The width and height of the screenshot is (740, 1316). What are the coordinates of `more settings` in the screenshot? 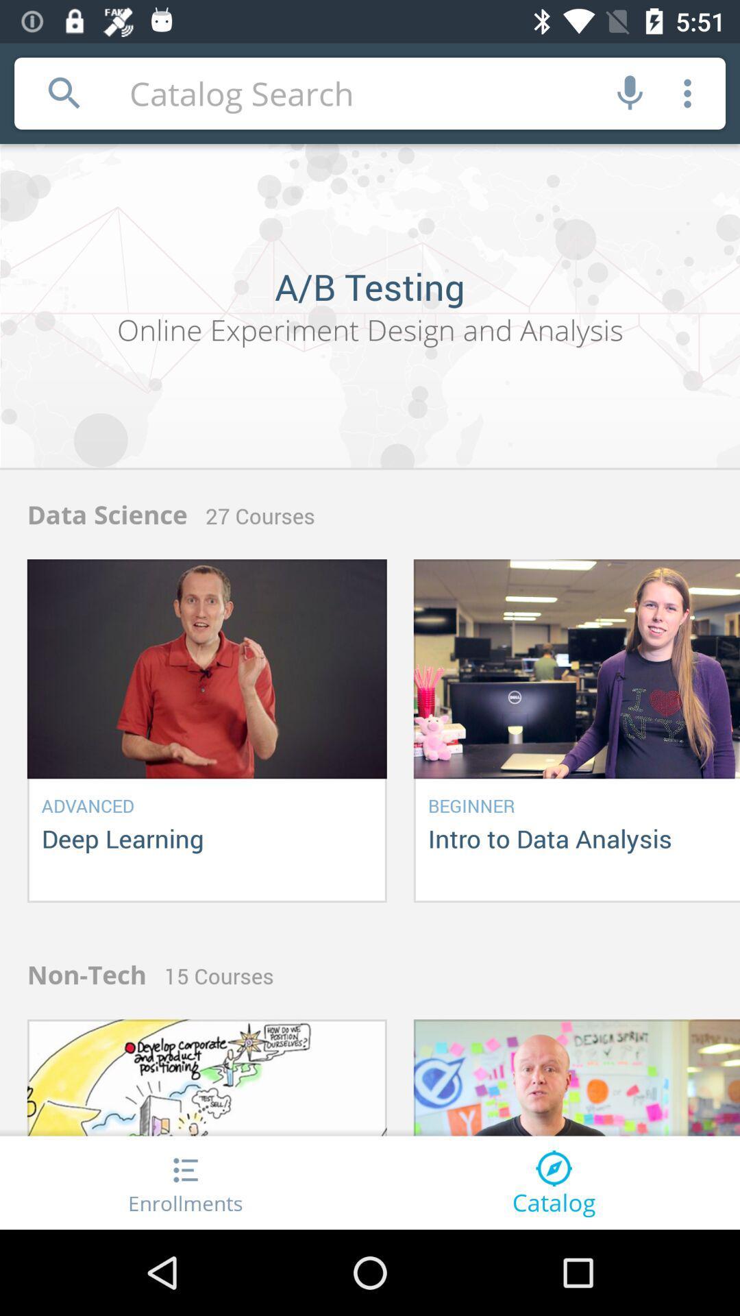 It's located at (687, 93).